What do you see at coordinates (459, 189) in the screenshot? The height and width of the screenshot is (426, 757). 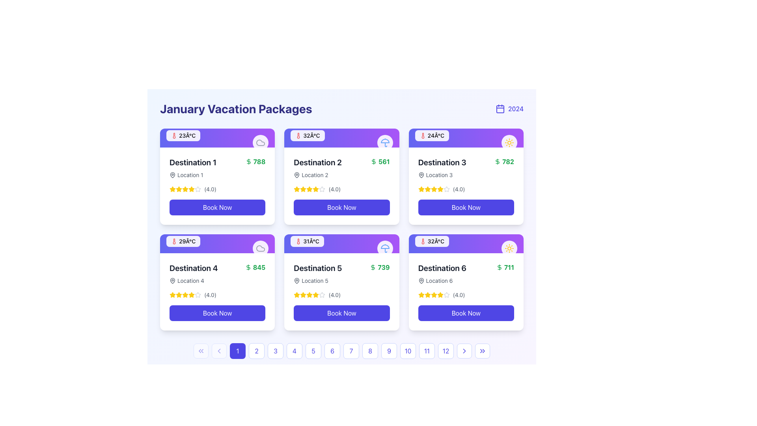 I see `the textual rating label displaying '(4.0)' in gray text` at bounding box center [459, 189].